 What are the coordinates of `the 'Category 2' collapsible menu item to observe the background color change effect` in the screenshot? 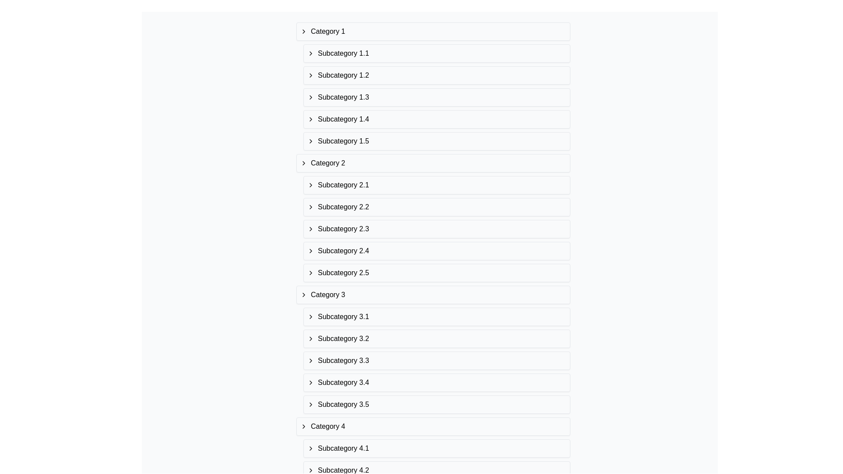 It's located at (433, 163).